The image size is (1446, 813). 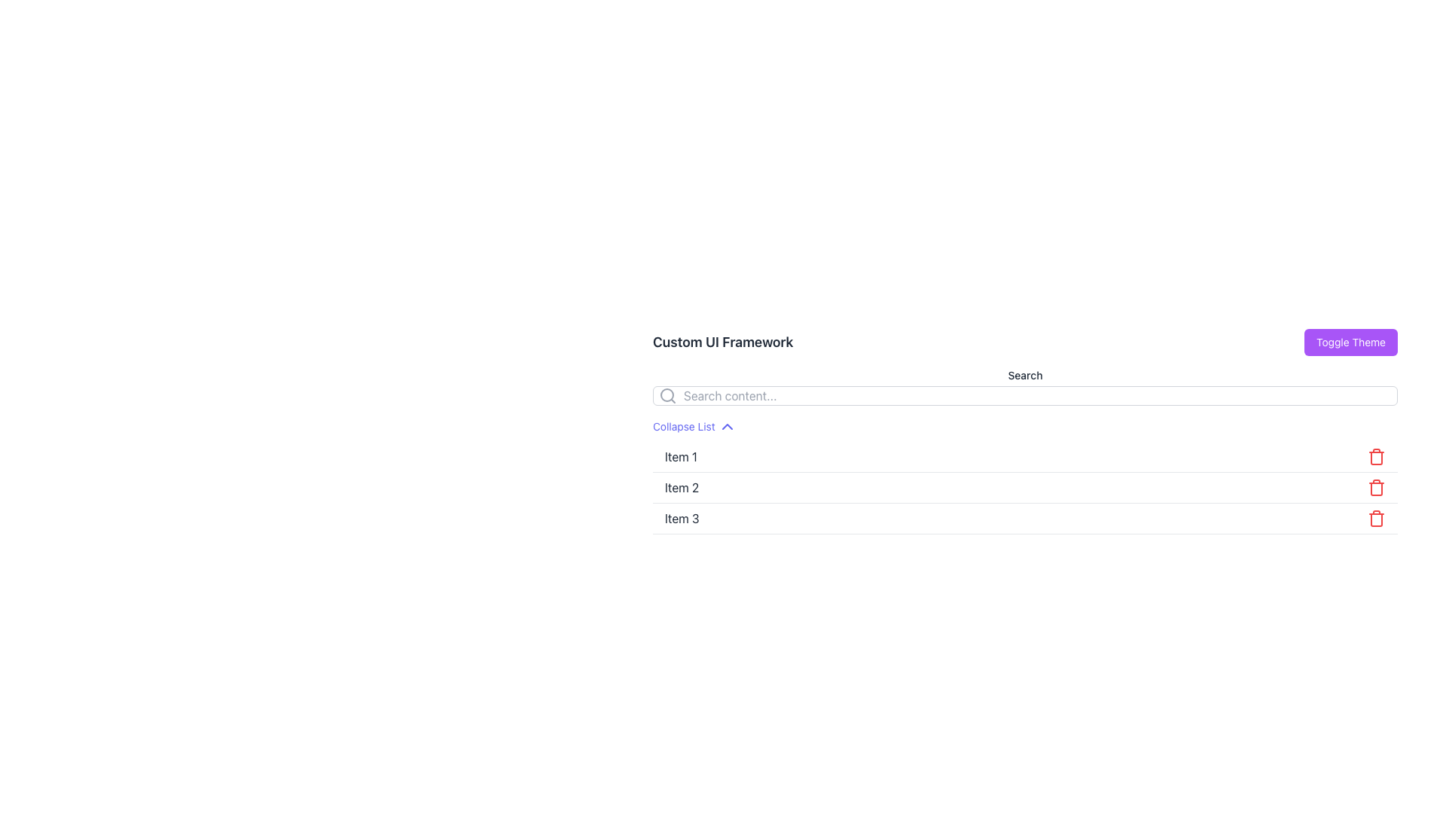 I want to click on the magnifying glass icon located inside the search bar, positioned on the left side of the input field, so click(x=667, y=394).